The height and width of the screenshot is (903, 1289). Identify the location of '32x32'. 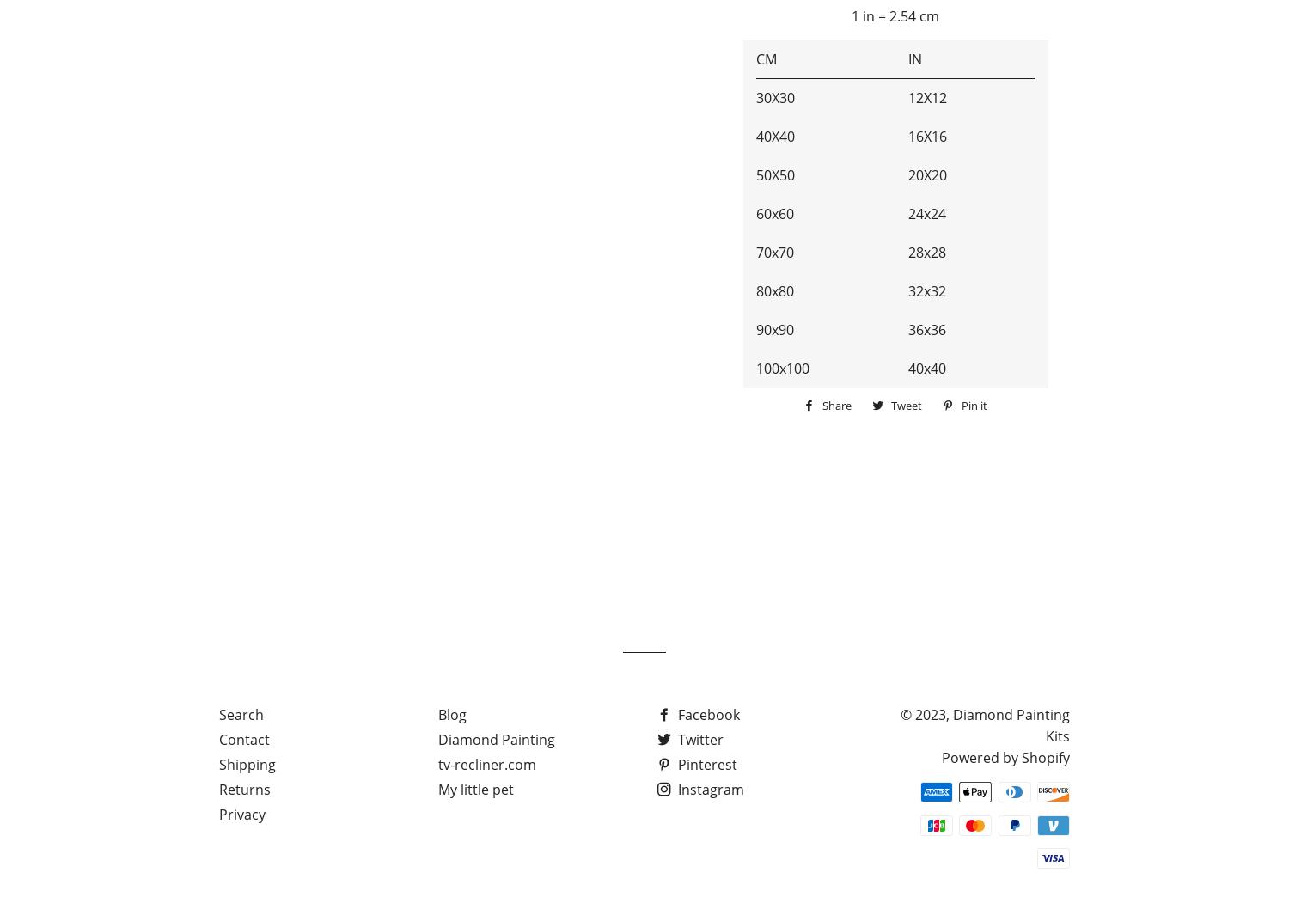
(926, 290).